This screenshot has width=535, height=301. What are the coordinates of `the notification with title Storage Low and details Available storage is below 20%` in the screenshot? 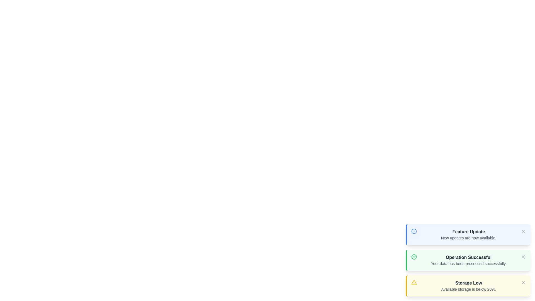 It's located at (468, 283).